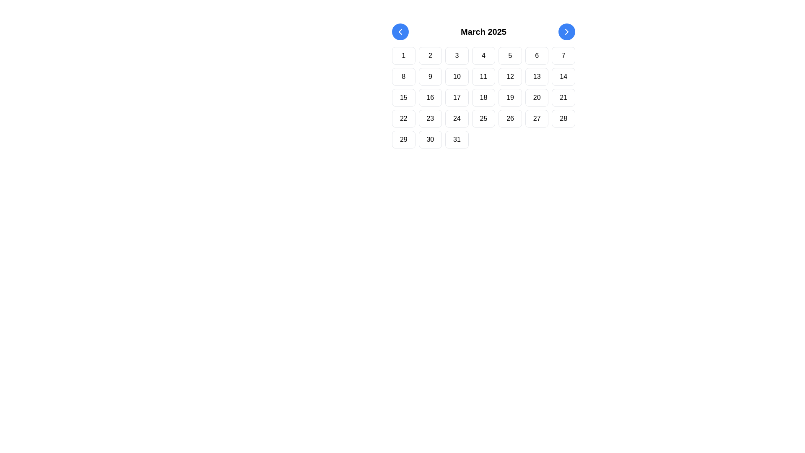 The image size is (805, 453). Describe the element at coordinates (483, 97) in the screenshot. I see `any cell of the grid layout component that represents a calendar or similar system, which is centrally located and spans horizontally across the interface` at that location.